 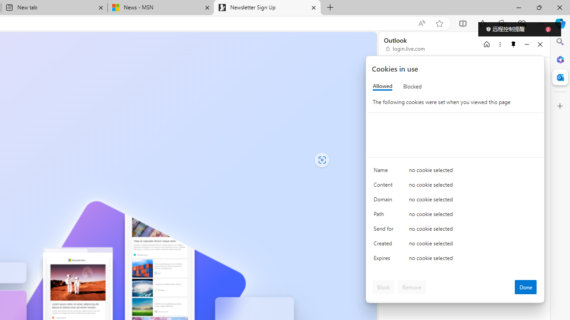 What do you see at coordinates (385, 230) in the screenshot?
I see `'Send for'` at bounding box center [385, 230].